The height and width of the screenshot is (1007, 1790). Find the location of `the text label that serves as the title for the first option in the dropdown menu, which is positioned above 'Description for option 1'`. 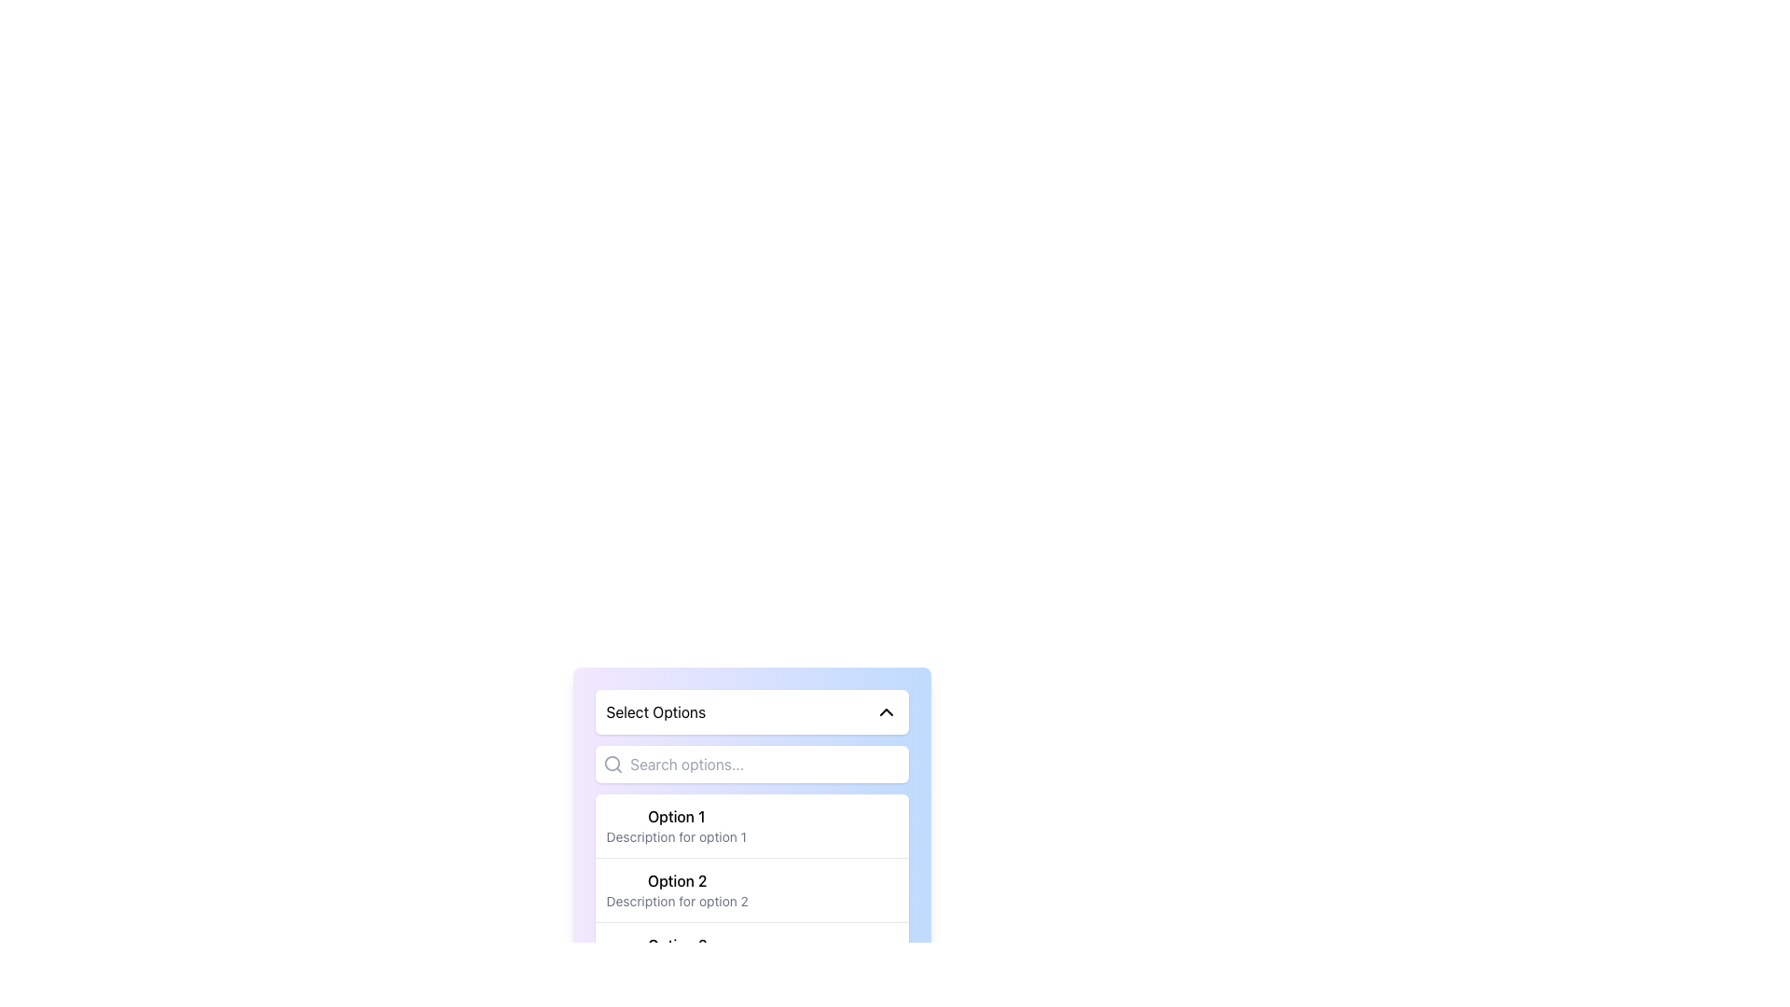

the text label that serves as the title for the first option in the dropdown menu, which is positioned above 'Description for option 1' is located at coordinates (675, 815).